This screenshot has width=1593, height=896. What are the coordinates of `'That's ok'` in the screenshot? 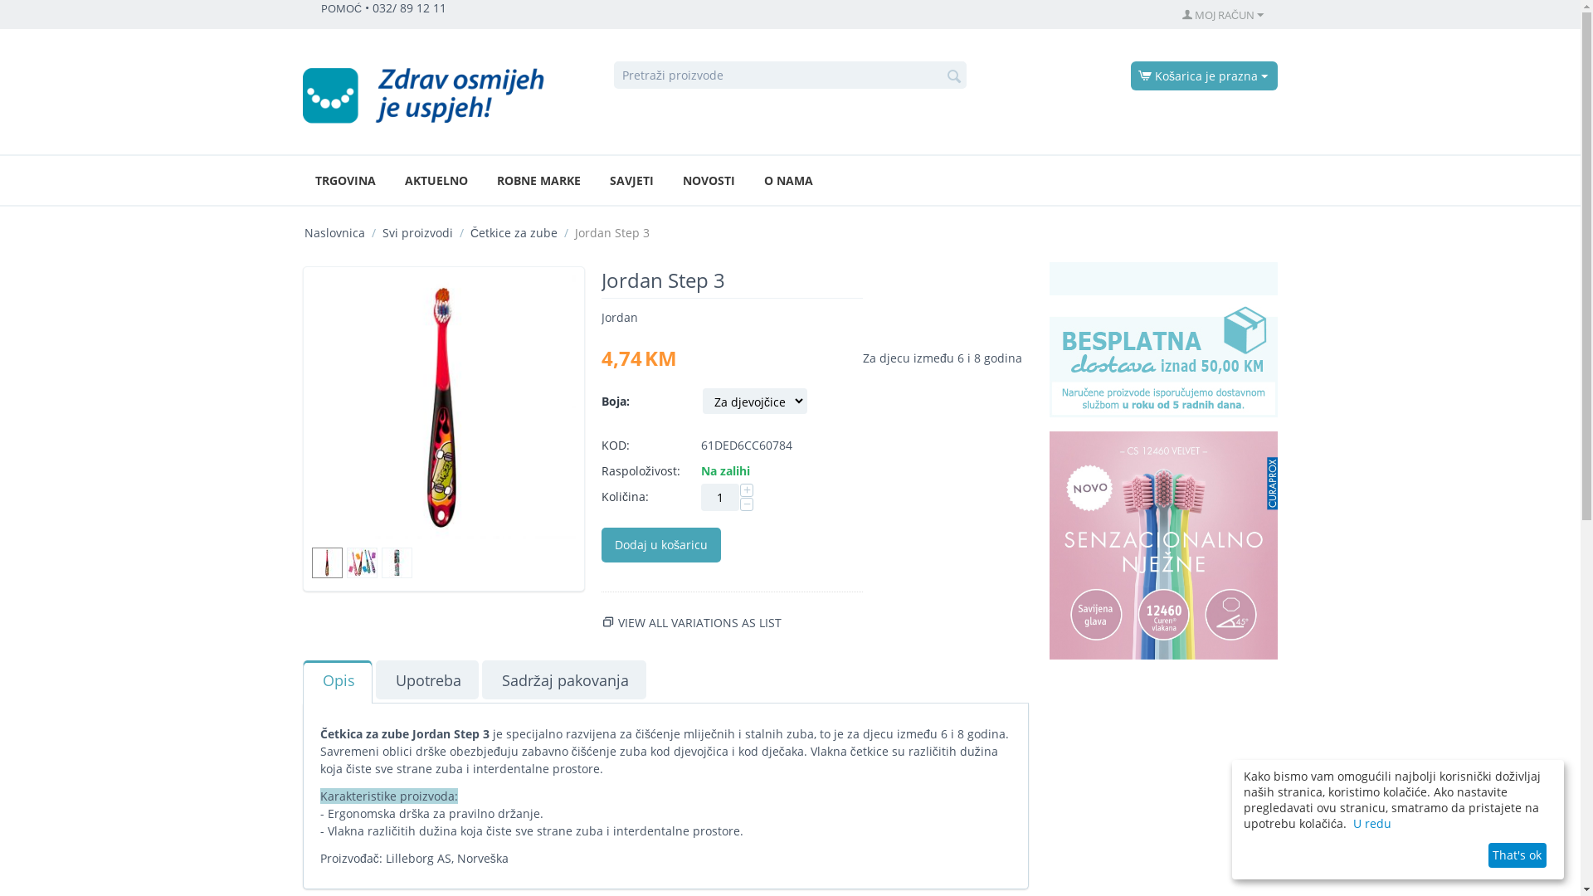 It's located at (1517, 855).